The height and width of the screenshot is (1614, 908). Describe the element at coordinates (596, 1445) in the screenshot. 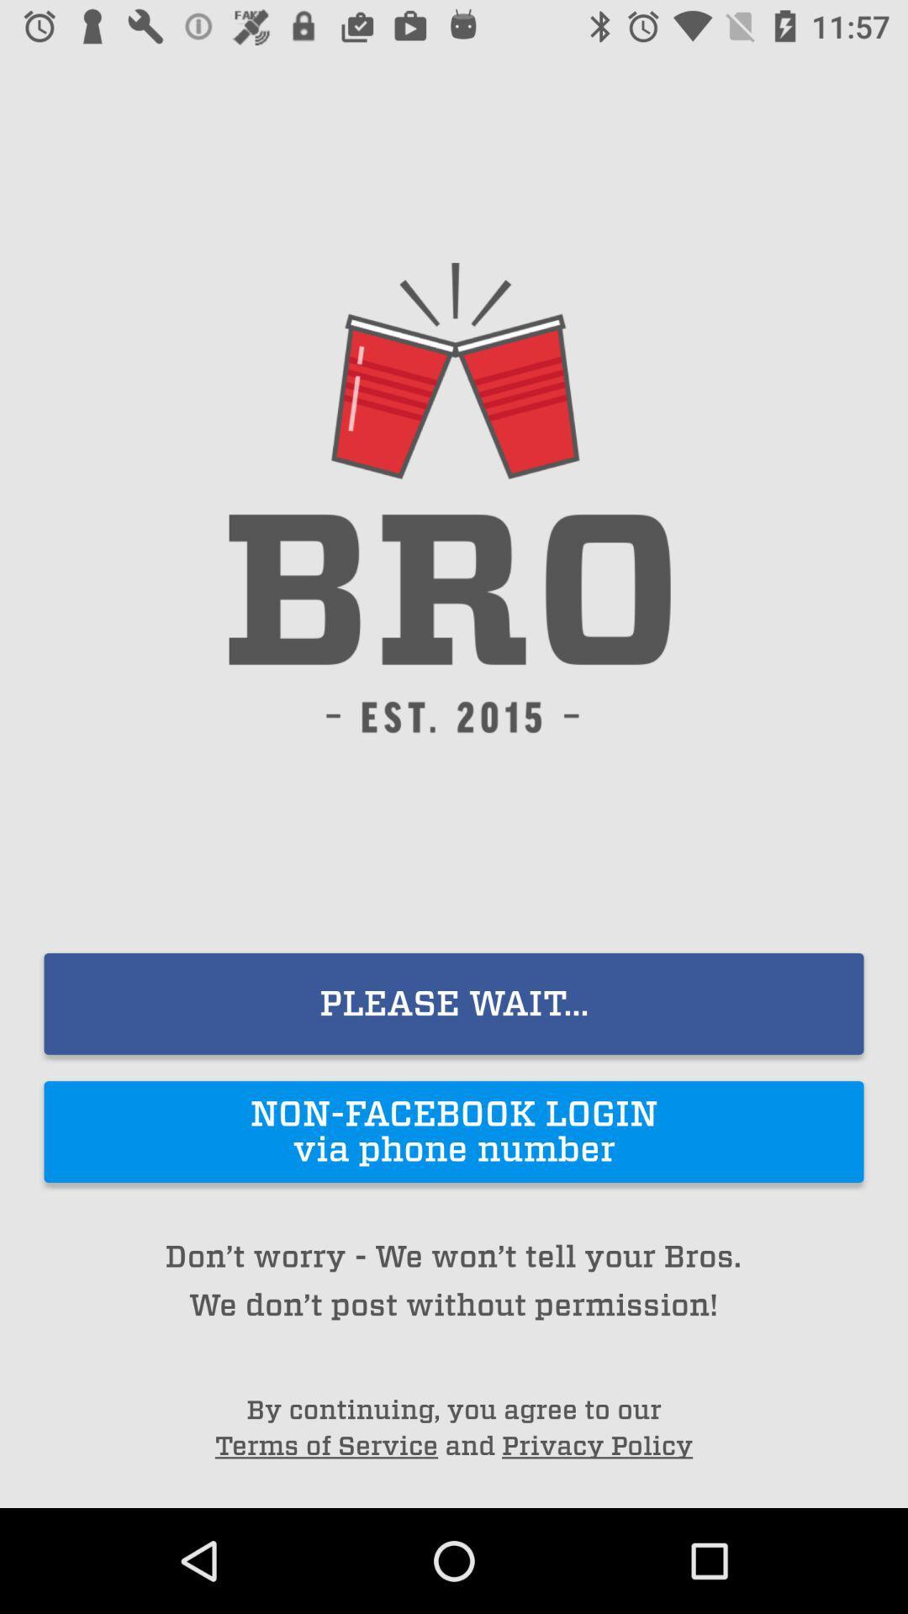

I see `the privacy policy` at that location.